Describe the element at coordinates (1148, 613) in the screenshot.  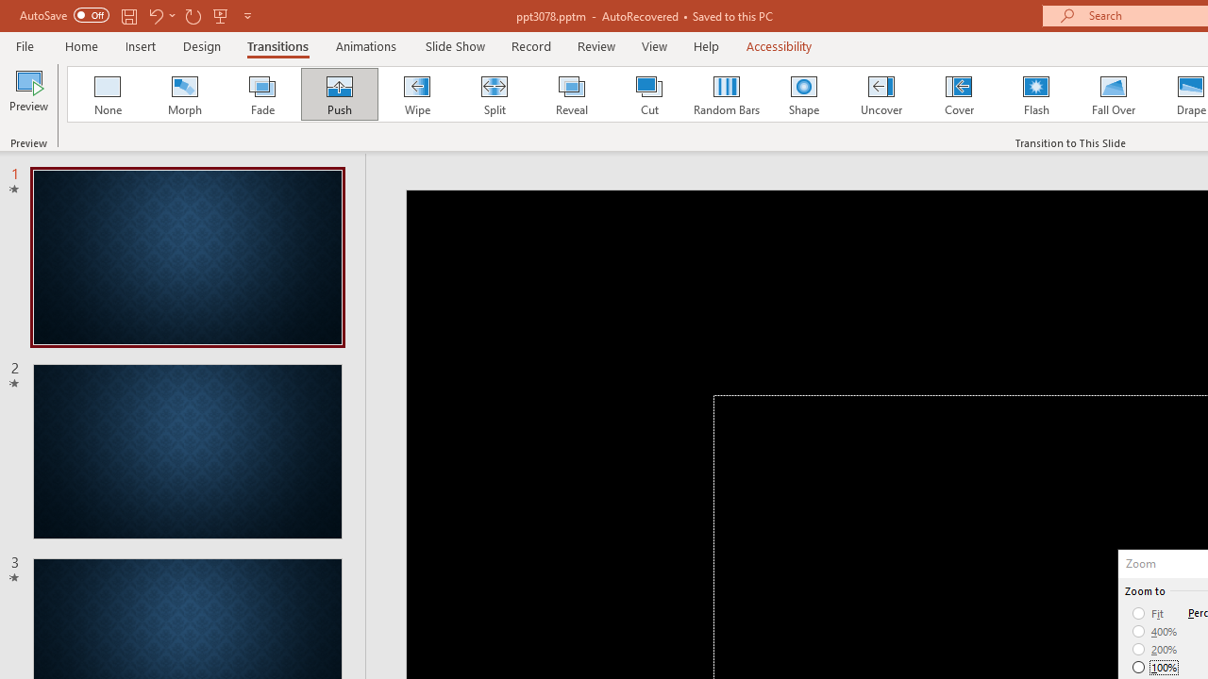
I see `'Fit'` at that location.